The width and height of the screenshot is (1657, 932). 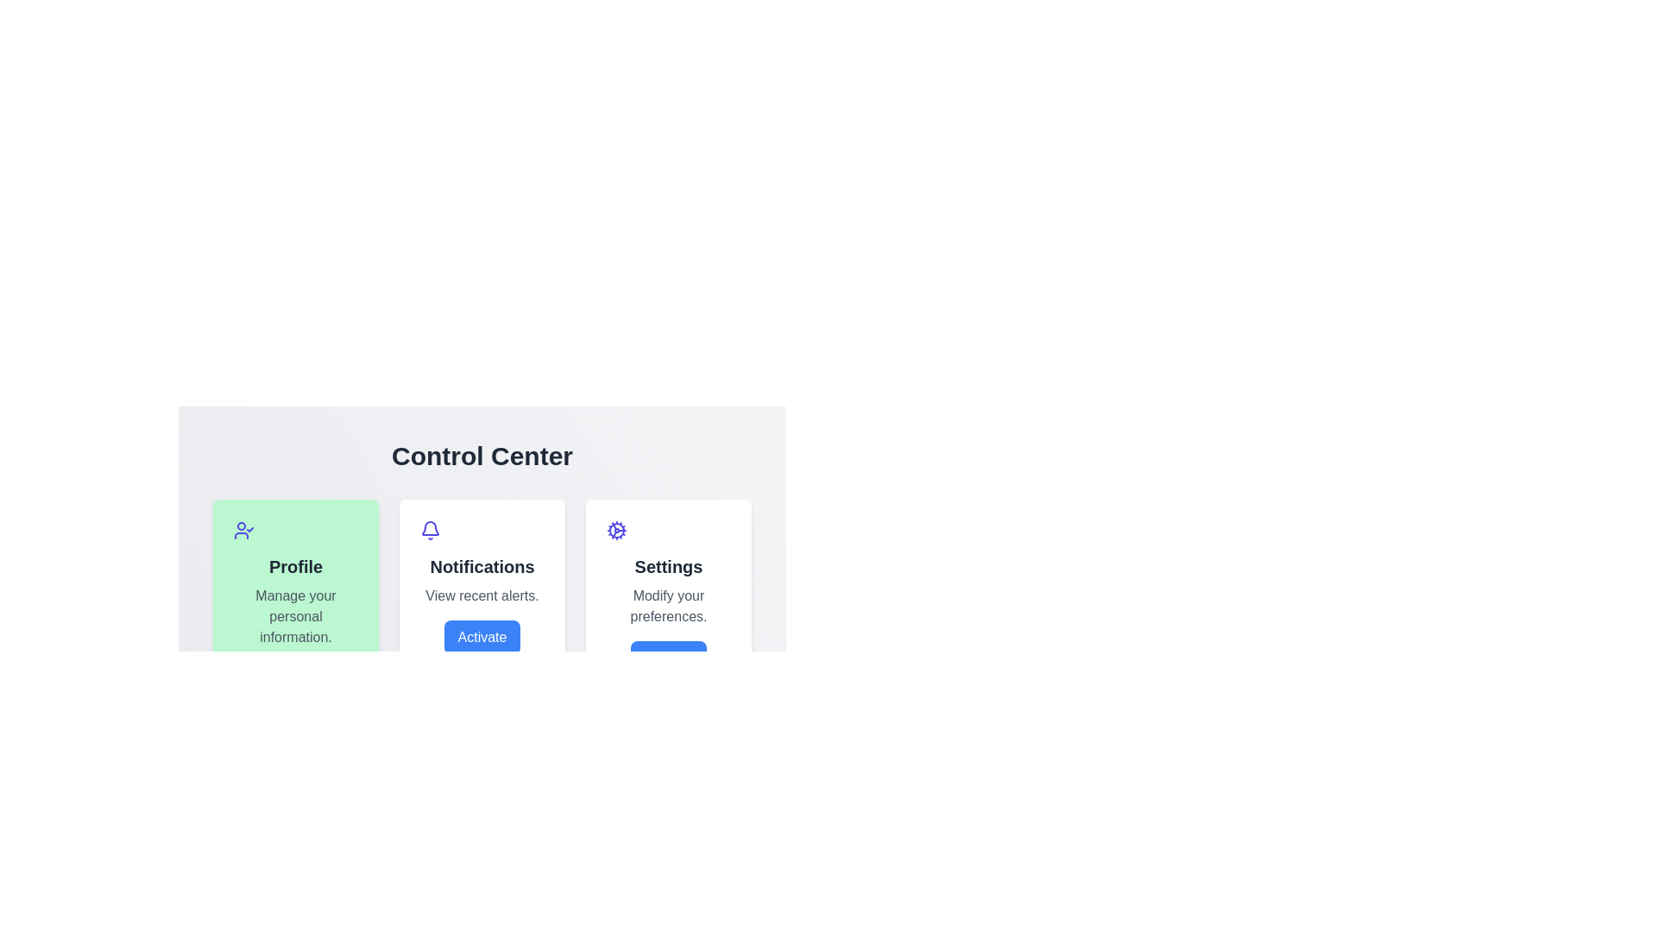 What do you see at coordinates (667, 605) in the screenshot?
I see `the static text element located within the 'Settings' card, which provides descriptive instruction or label above the 'Activate' button` at bounding box center [667, 605].